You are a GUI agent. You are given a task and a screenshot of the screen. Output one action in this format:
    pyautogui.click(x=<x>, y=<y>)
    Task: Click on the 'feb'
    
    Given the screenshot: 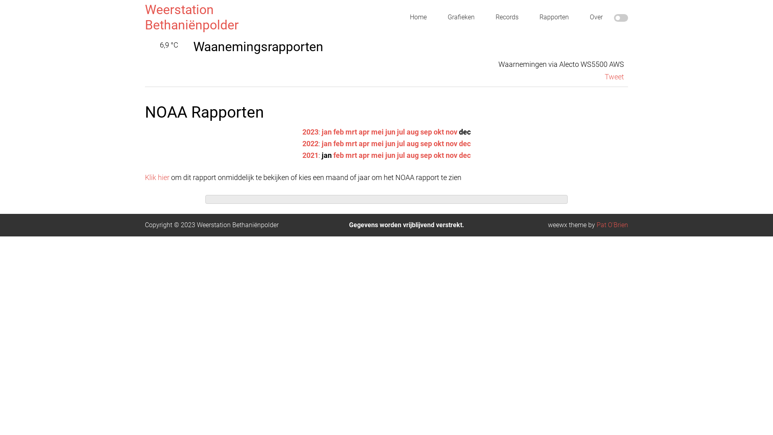 What is the action you would take?
    pyautogui.click(x=338, y=155)
    